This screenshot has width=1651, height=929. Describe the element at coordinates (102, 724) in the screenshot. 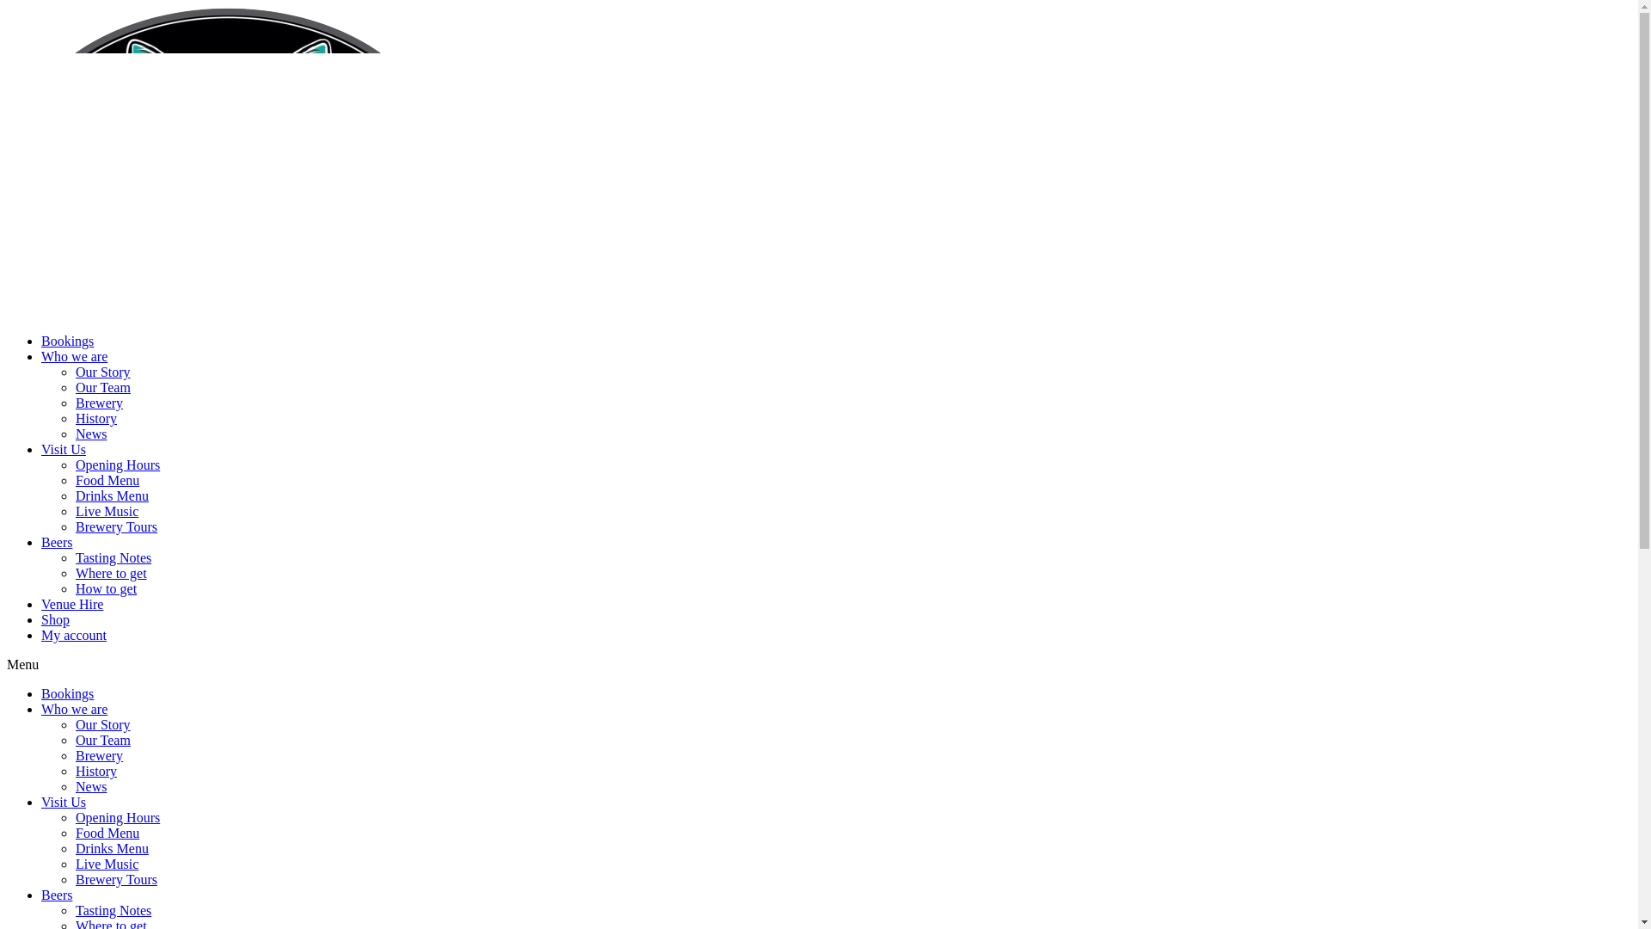

I see `'Our Story'` at that location.